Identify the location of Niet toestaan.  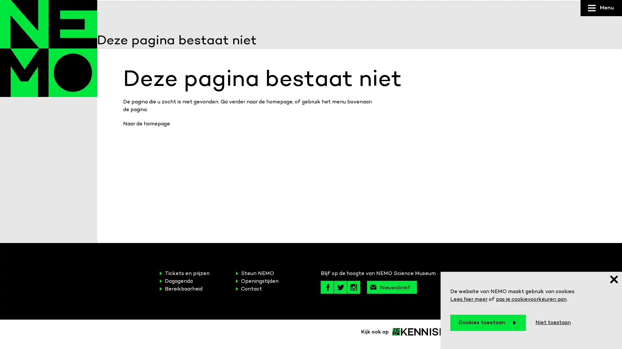
(553, 323).